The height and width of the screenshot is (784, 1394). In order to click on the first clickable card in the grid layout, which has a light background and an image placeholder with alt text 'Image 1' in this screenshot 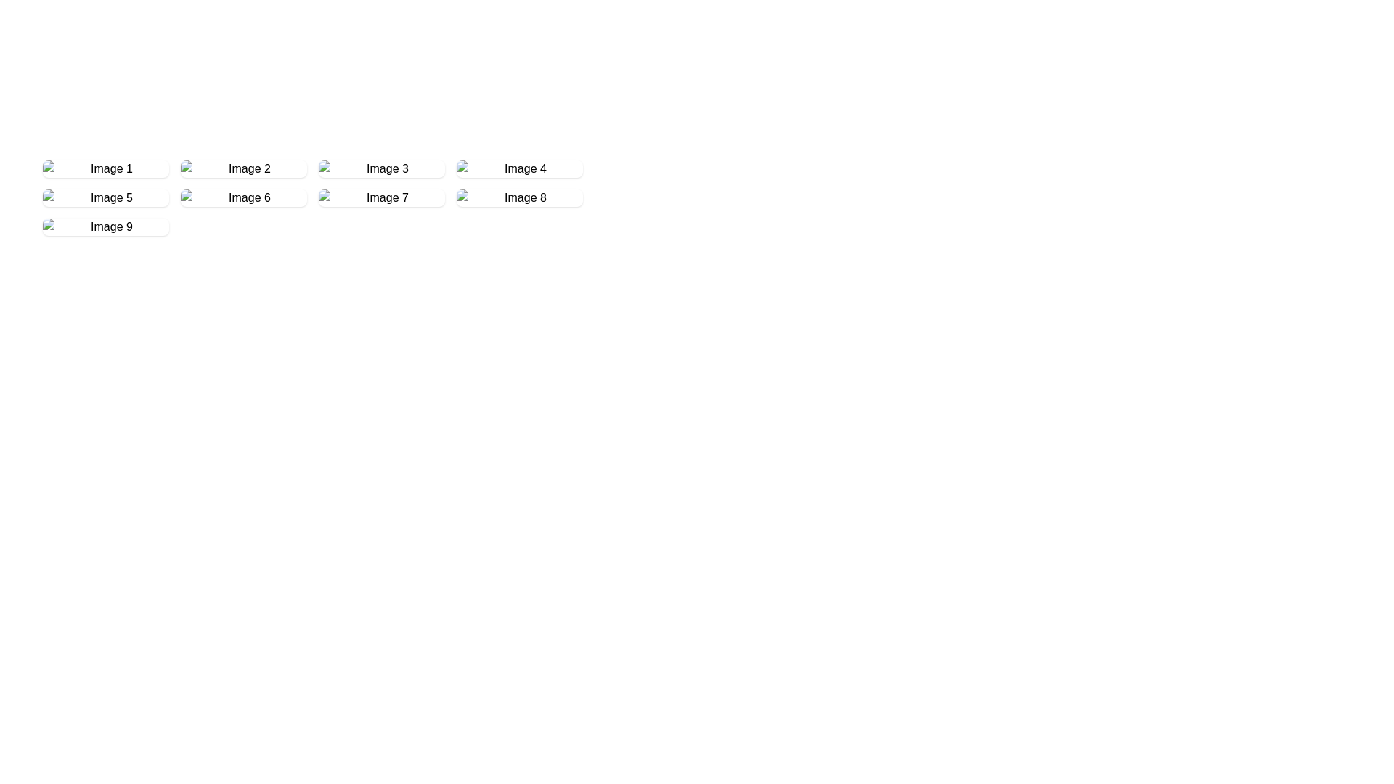, I will do `click(105, 168)`.